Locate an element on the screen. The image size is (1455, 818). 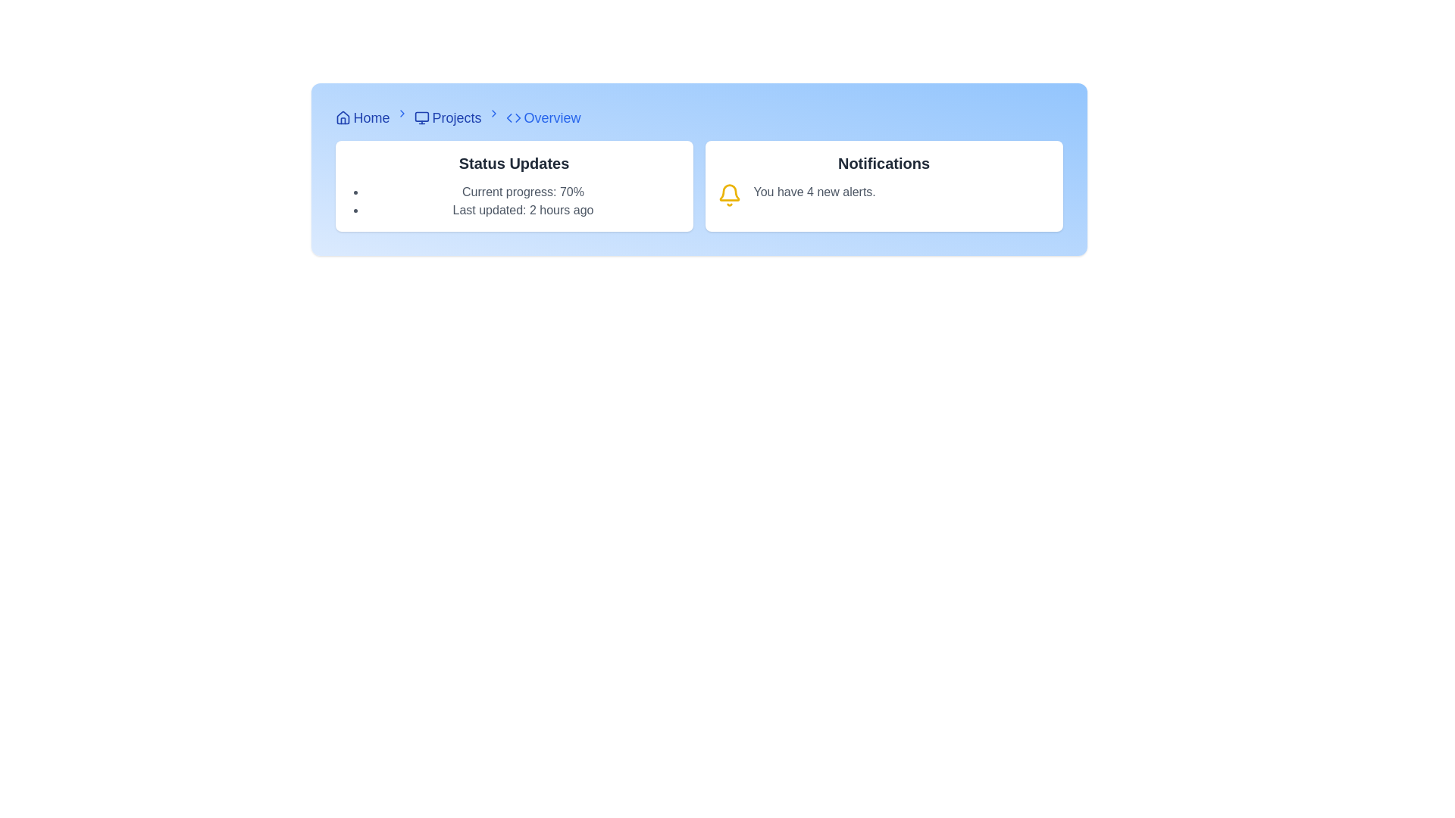
the leftmost hyperlink in the breadcrumb navigation bar to observe its interactive styling is located at coordinates (361, 117).